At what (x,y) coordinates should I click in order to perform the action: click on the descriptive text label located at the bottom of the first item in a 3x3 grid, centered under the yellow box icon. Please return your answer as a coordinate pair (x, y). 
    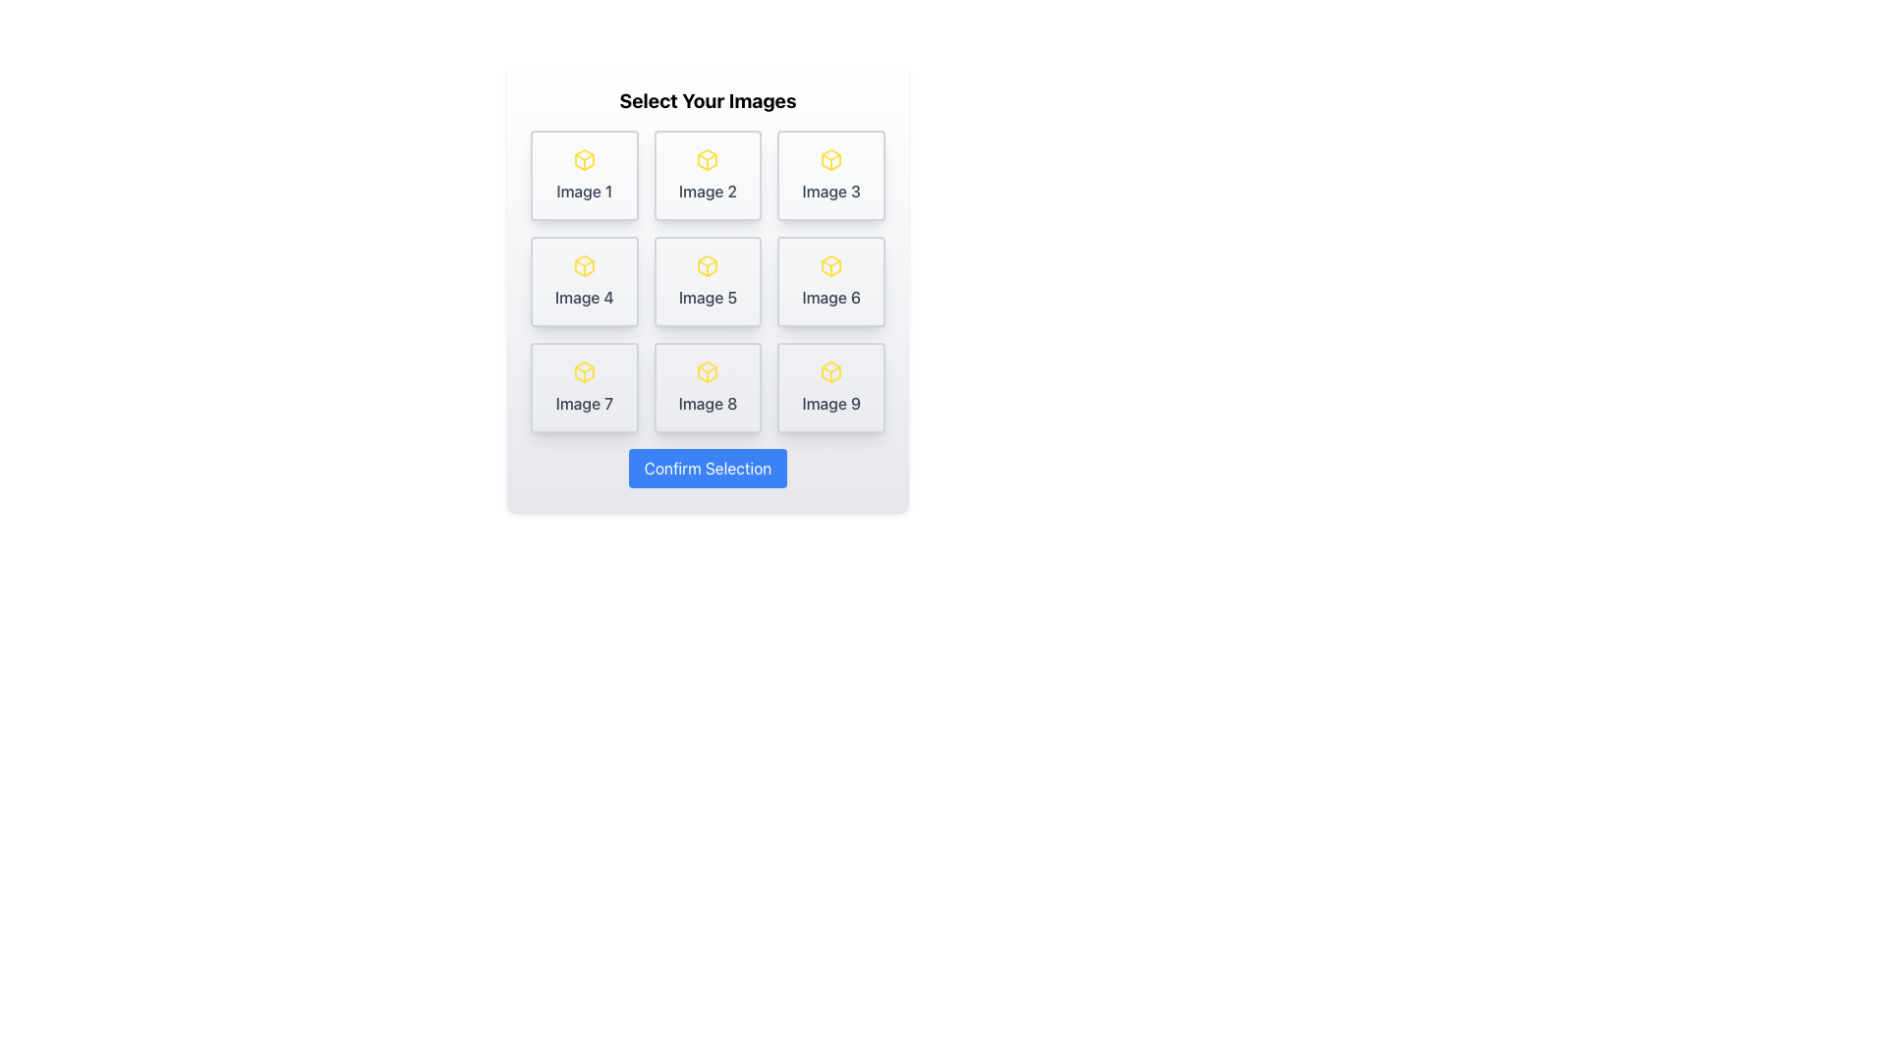
    Looking at the image, I should click on (583, 192).